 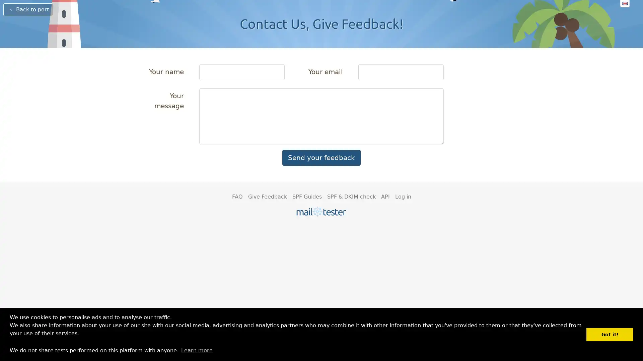 What do you see at coordinates (610, 334) in the screenshot?
I see `dismiss cookie message` at bounding box center [610, 334].